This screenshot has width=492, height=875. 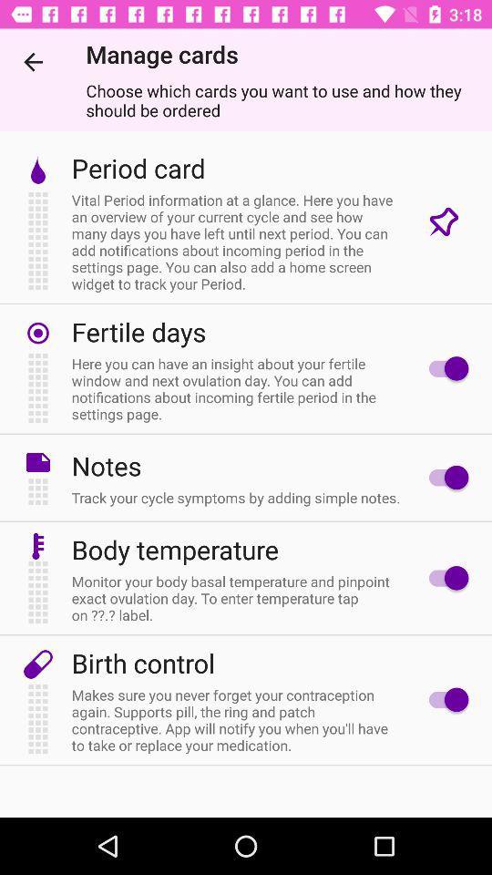 What do you see at coordinates (443, 577) in the screenshot?
I see `body temperature` at bounding box center [443, 577].